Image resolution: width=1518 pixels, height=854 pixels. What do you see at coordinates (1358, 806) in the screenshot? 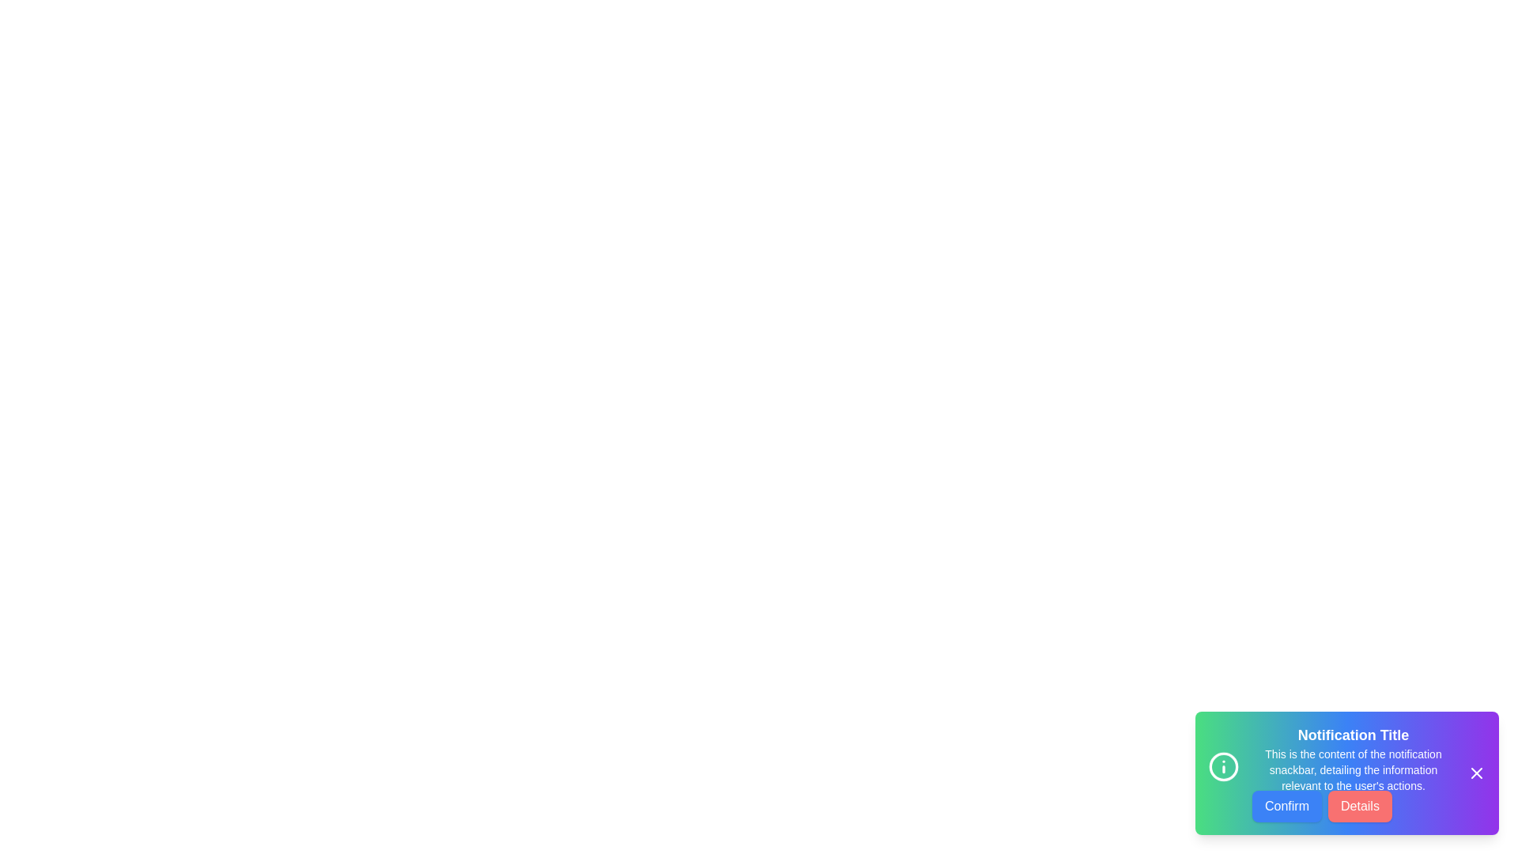
I see `the 'Details' button in the notification snackbar` at bounding box center [1358, 806].